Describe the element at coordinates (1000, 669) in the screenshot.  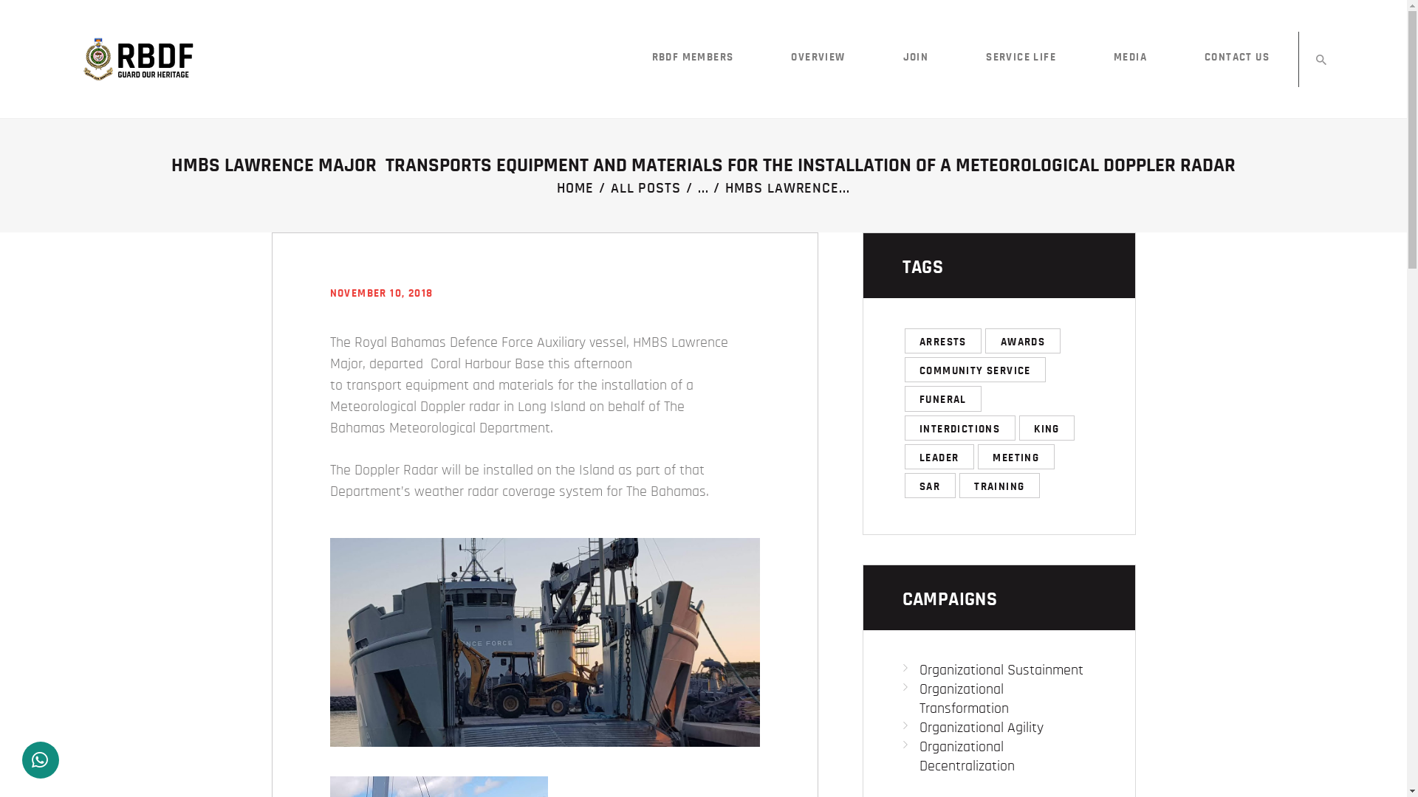
I see `'Organizational Sustainment'` at that location.